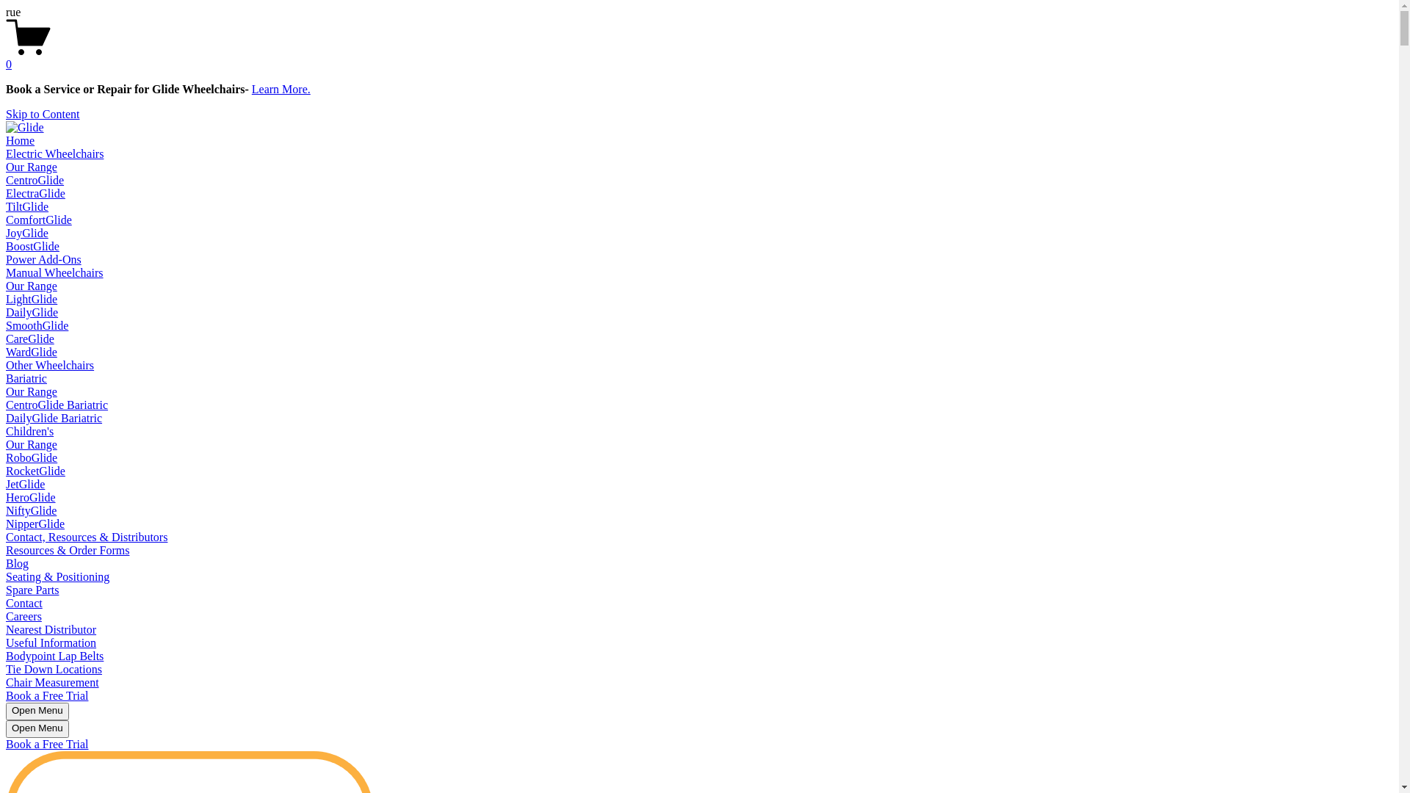  I want to click on 'CareGlide', so click(30, 338).